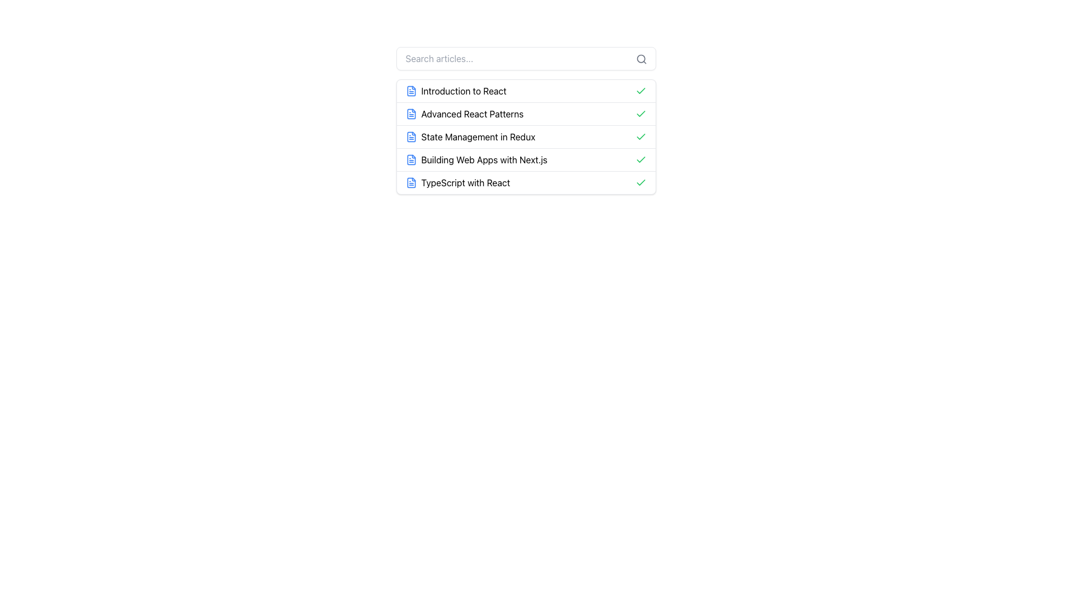 The width and height of the screenshot is (1075, 604). Describe the element at coordinates (476, 159) in the screenshot. I see `the fourth list item labeled 'Building Web Apps with Next.js', which features a small document icon with a blue outline` at that location.